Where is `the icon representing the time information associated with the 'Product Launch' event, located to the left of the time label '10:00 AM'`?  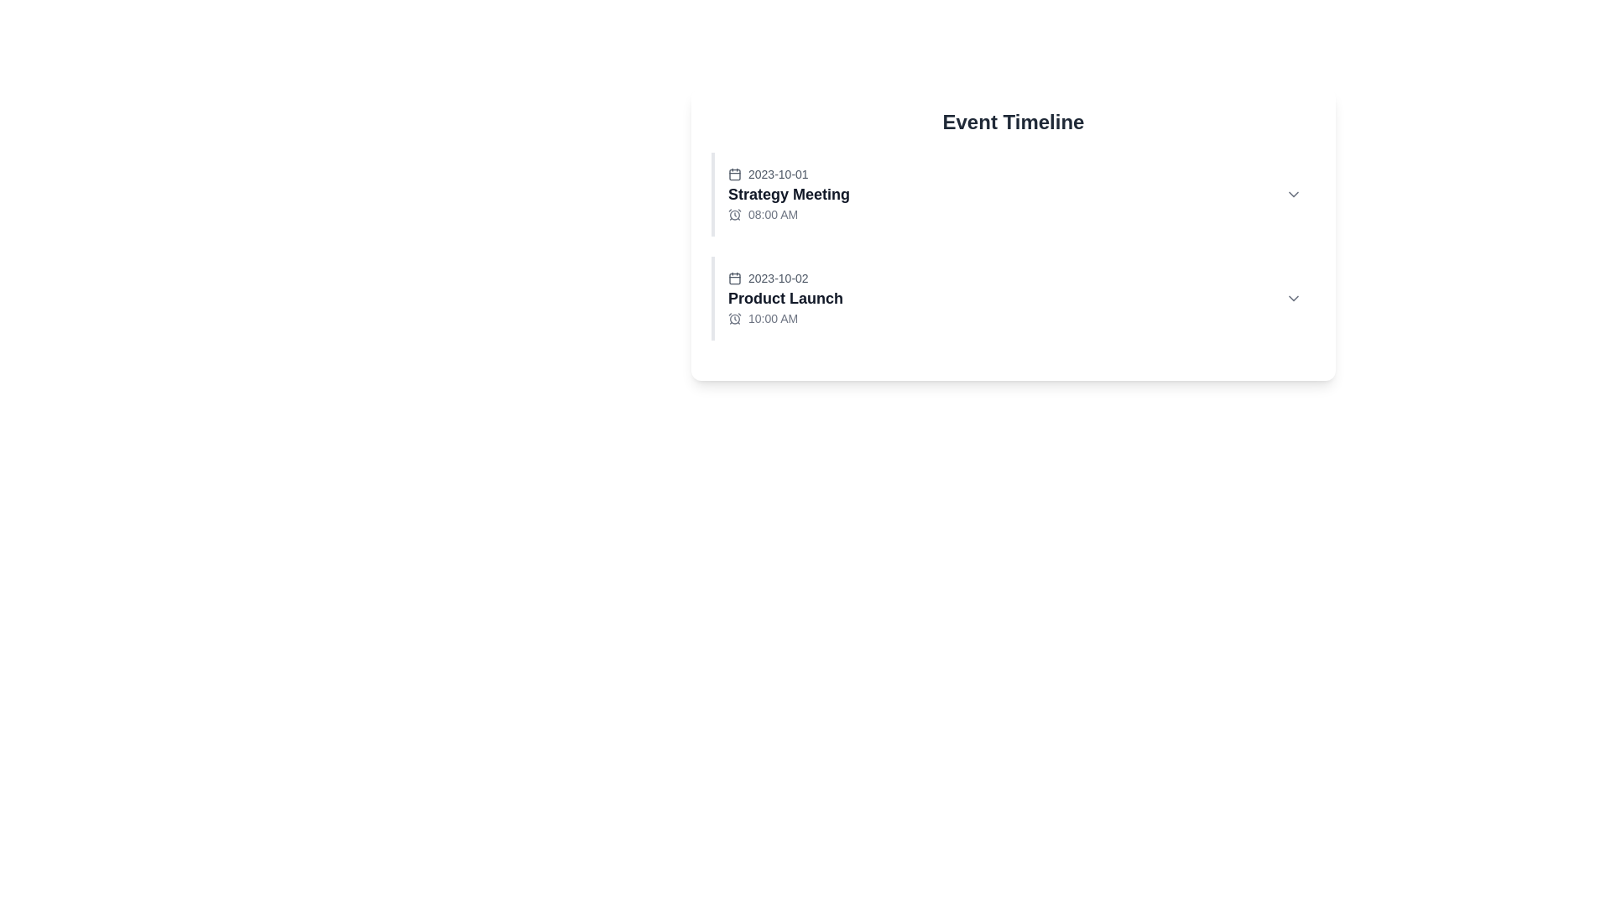 the icon representing the time information associated with the 'Product Launch' event, located to the left of the time label '10:00 AM' is located at coordinates (734, 319).